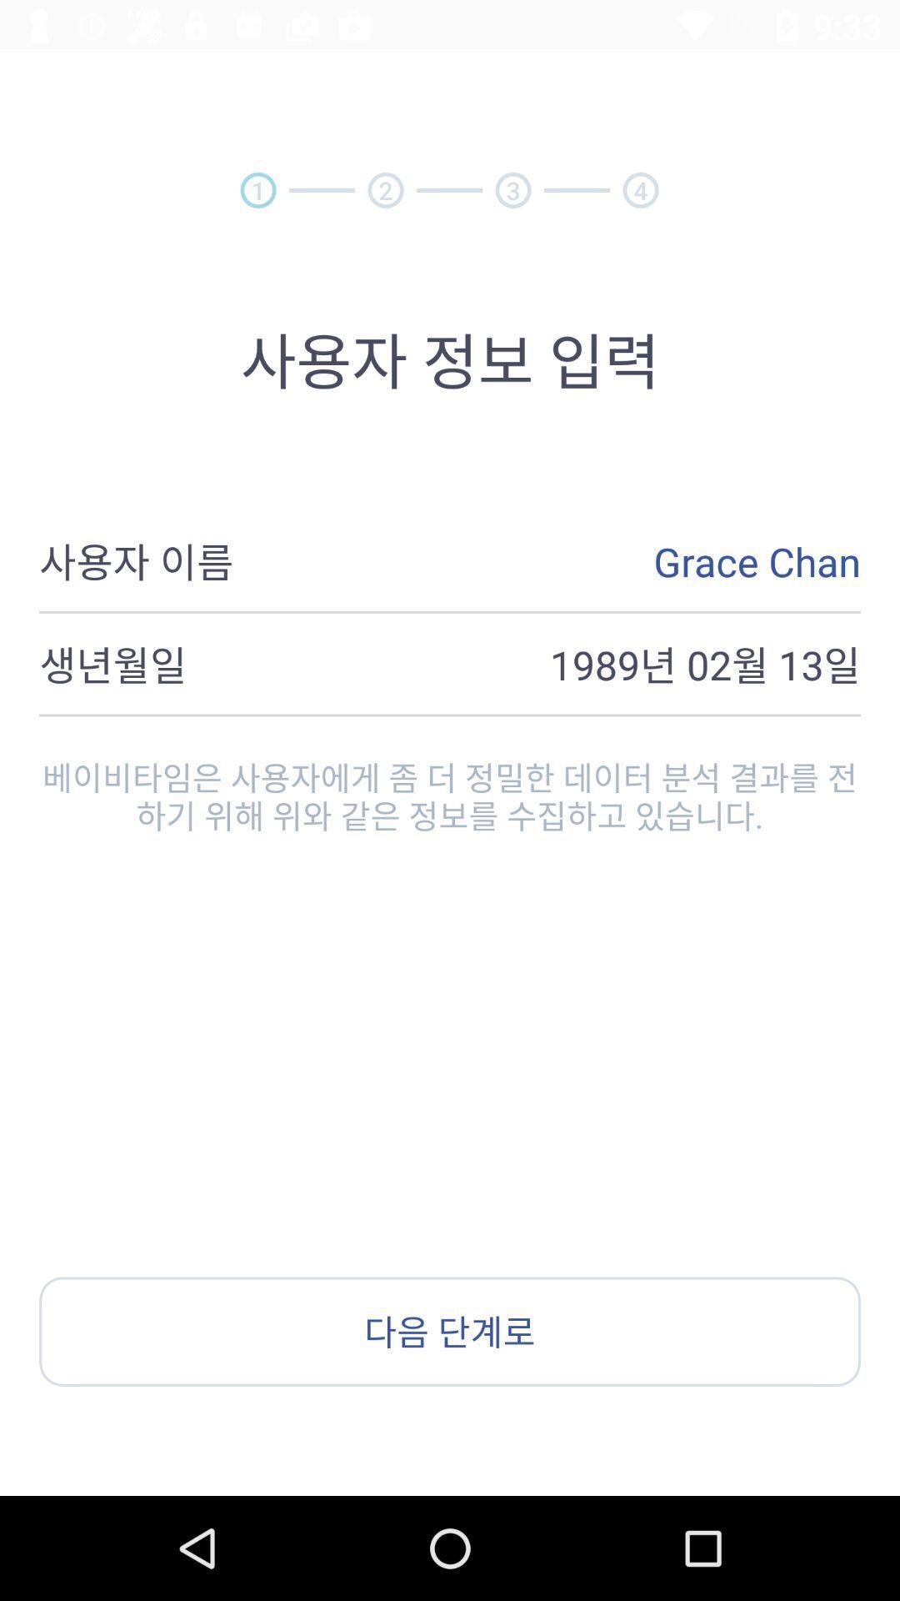 This screenshot has width=900, height=1601. Describe the element at coordinates (640, 190) in the screenshot. I see `item at the top right corner` at that location.